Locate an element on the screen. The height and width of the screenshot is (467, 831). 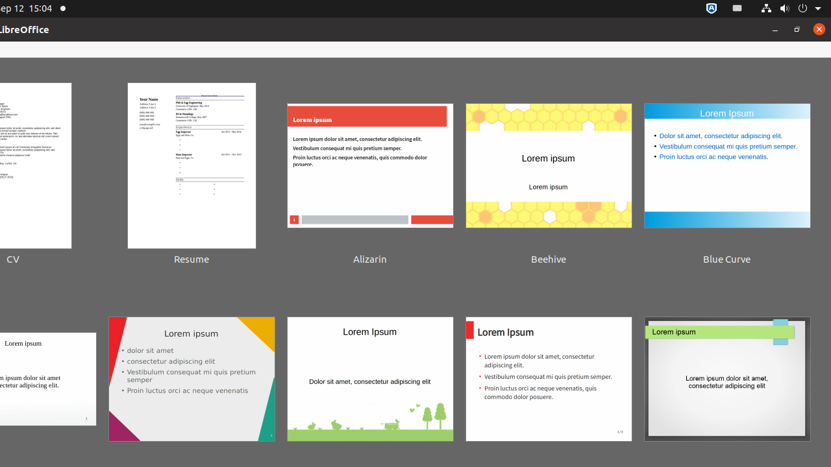
'Resume' is located at coordinates (191, 175).